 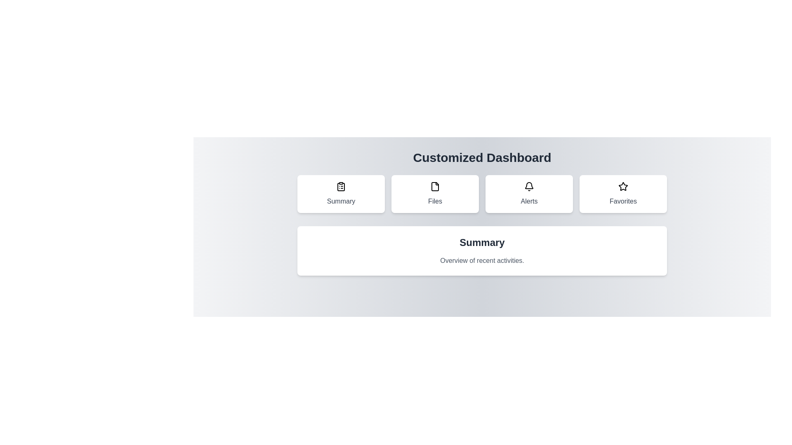 I want to click on the 'Alerts' icon element, which represents notifications or updates on the dashboard, located under the red bell icon, so click(x=529, y=185).